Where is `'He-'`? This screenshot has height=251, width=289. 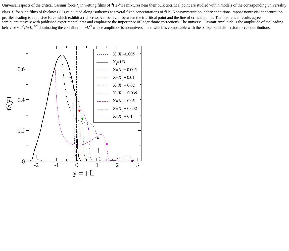 'He-' is located at coordinates (116, 5).